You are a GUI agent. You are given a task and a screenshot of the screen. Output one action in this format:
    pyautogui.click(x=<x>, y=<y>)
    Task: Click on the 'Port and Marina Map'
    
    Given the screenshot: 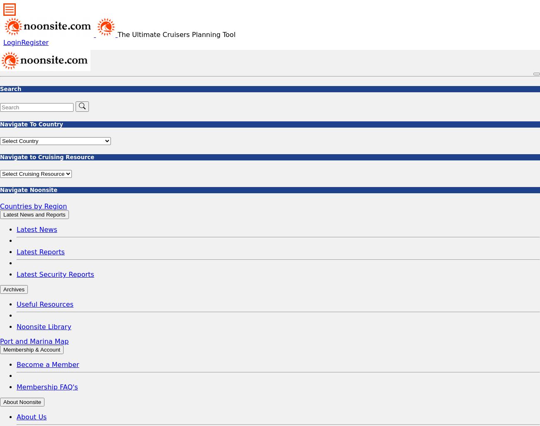 What is the action you would take?
    pyautogui.click(x=34, y=341)
    